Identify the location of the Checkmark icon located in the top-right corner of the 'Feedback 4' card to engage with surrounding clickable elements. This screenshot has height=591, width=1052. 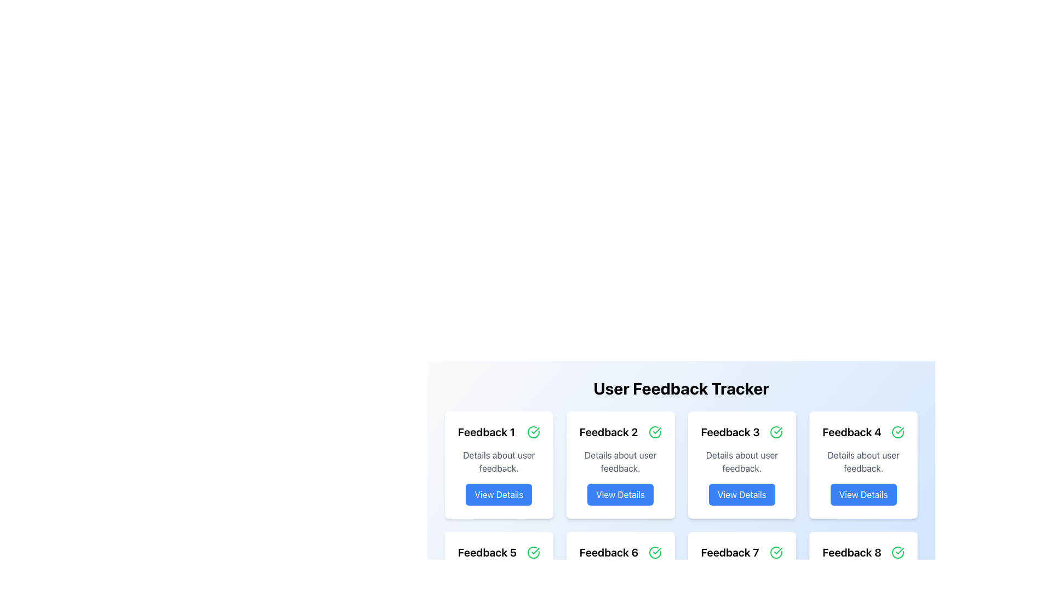
(900, 430).